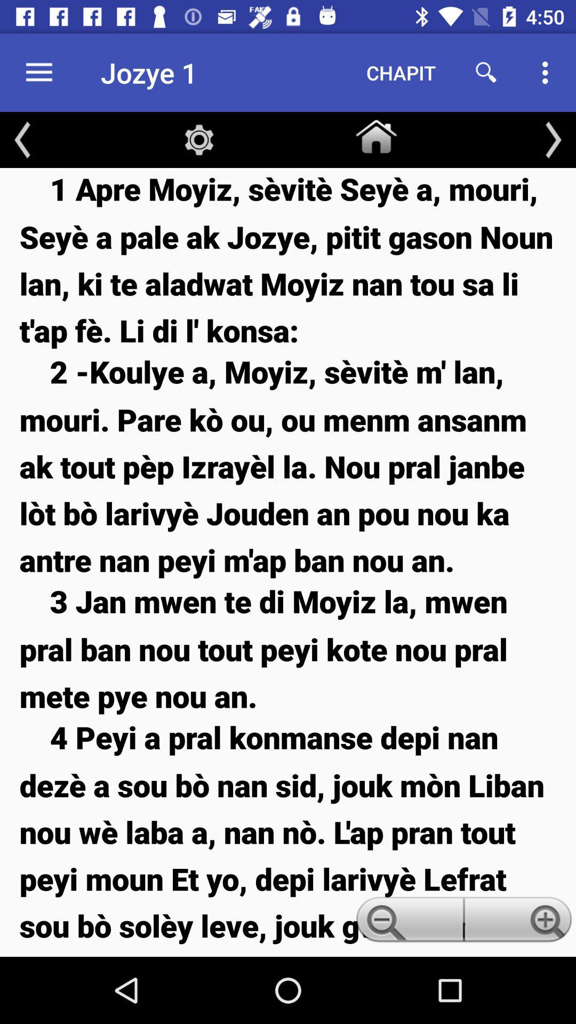 This screenshot has width=576, height=1024. Describe the element at coordinates (375, 134) in the screenshot. I see `item above the 1 apre moyiz icon` at that location.